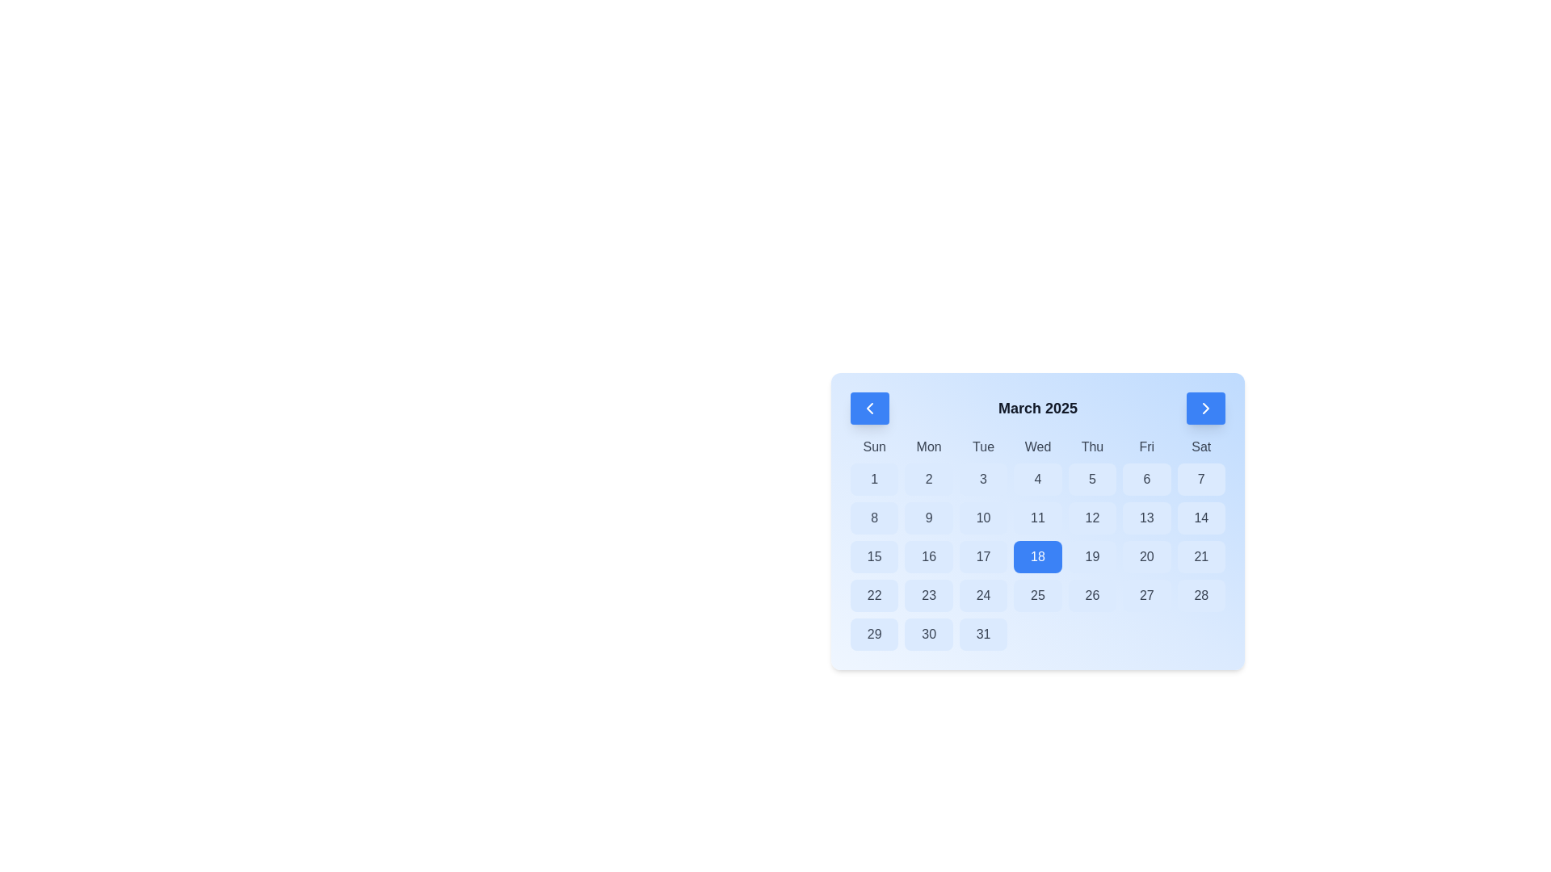  I want to click on the left-facing chevron icon located at the top-left corner of the calendar interface, so click(868, 407).